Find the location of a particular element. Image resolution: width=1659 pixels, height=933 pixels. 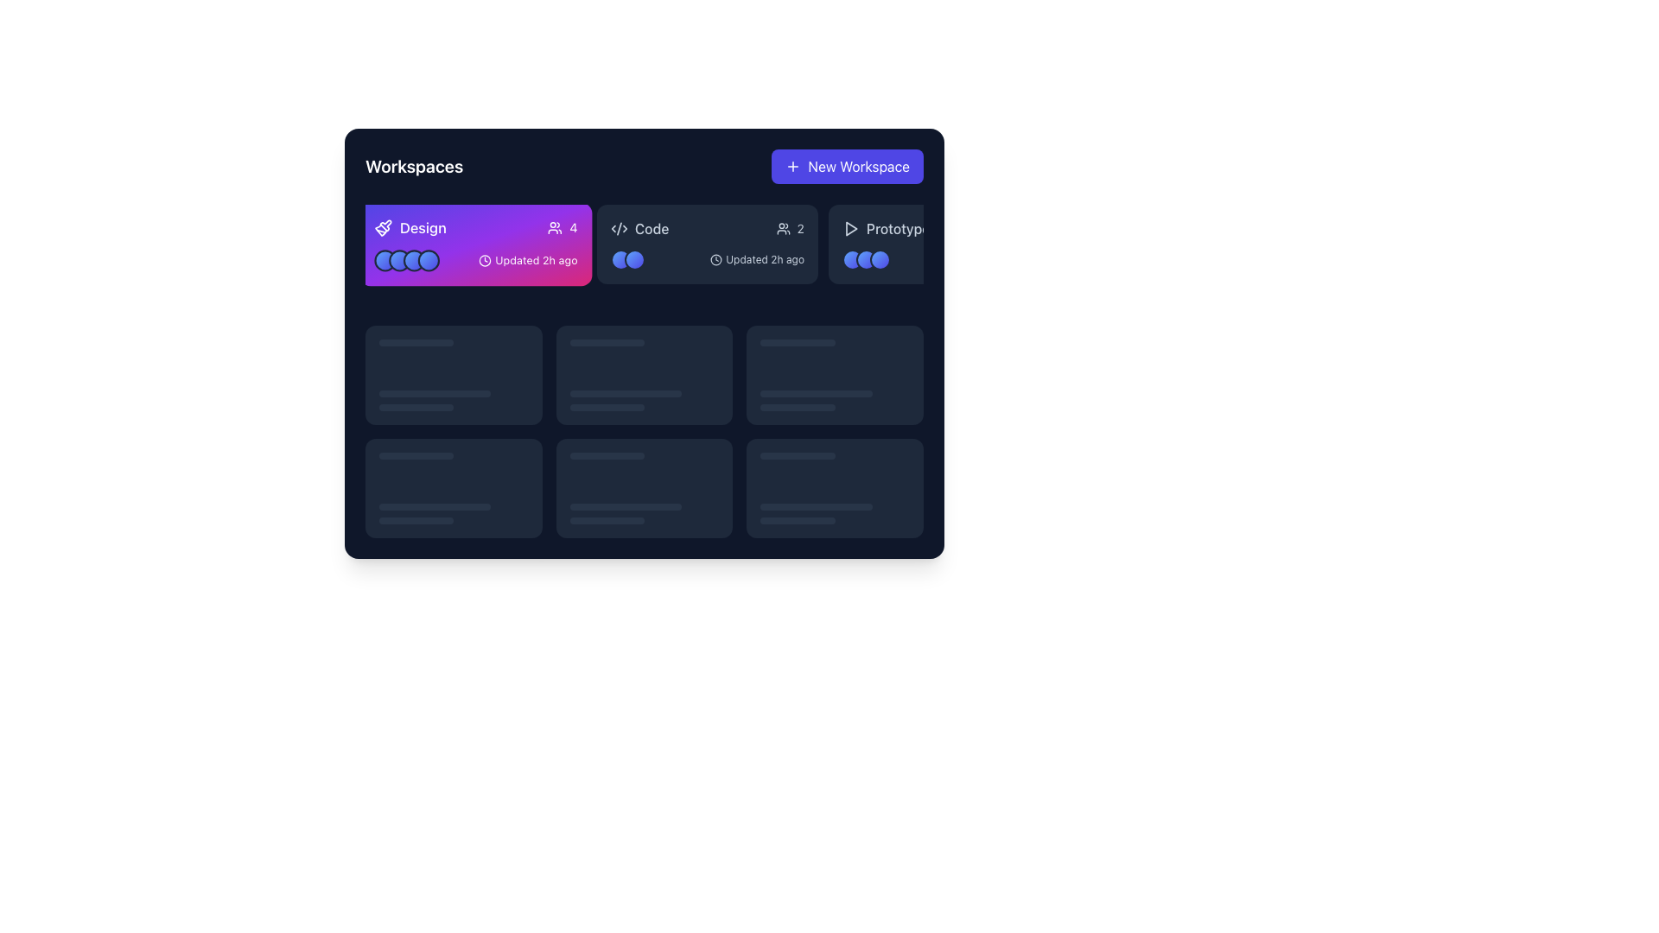

the third circular User Avatar Indicator in the 'Design' workspace panel is located at coordinates (413, 260).